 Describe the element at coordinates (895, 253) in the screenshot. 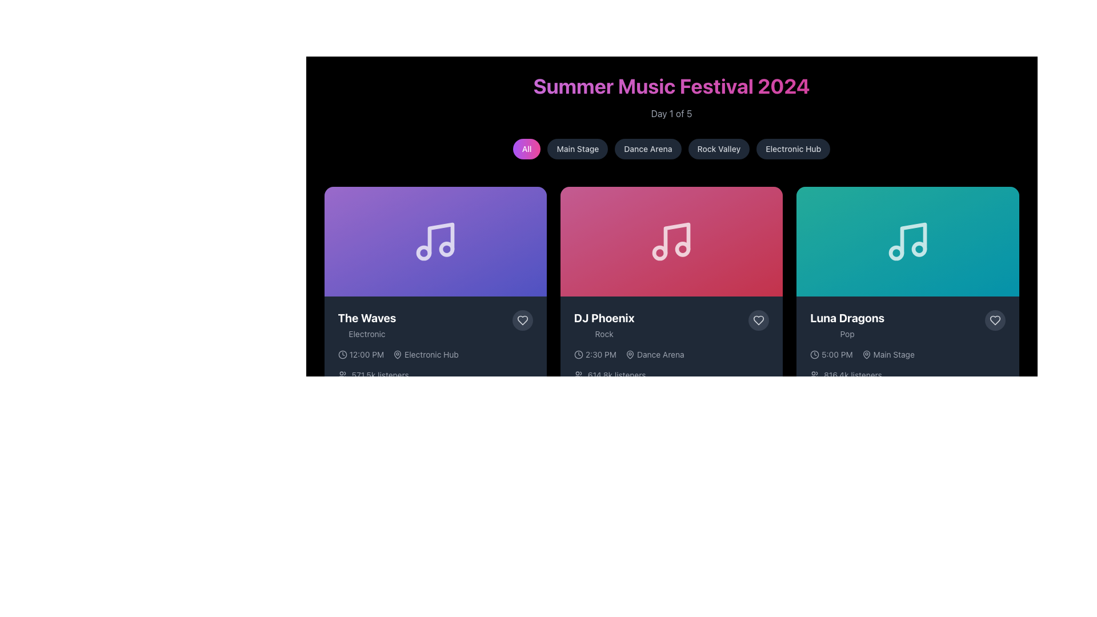

I see `the small teal circular icon located at the bottom-left corner of the musical note icon associated with the 'Luna Dragons' event card` at that location.